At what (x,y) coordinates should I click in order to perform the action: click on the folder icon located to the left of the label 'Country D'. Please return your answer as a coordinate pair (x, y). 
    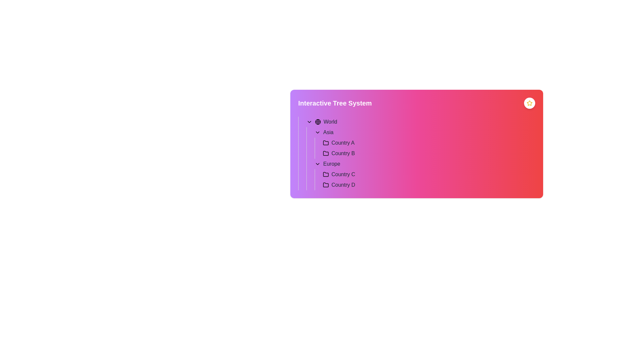
    Looking at the image, I should click on (326, 185).